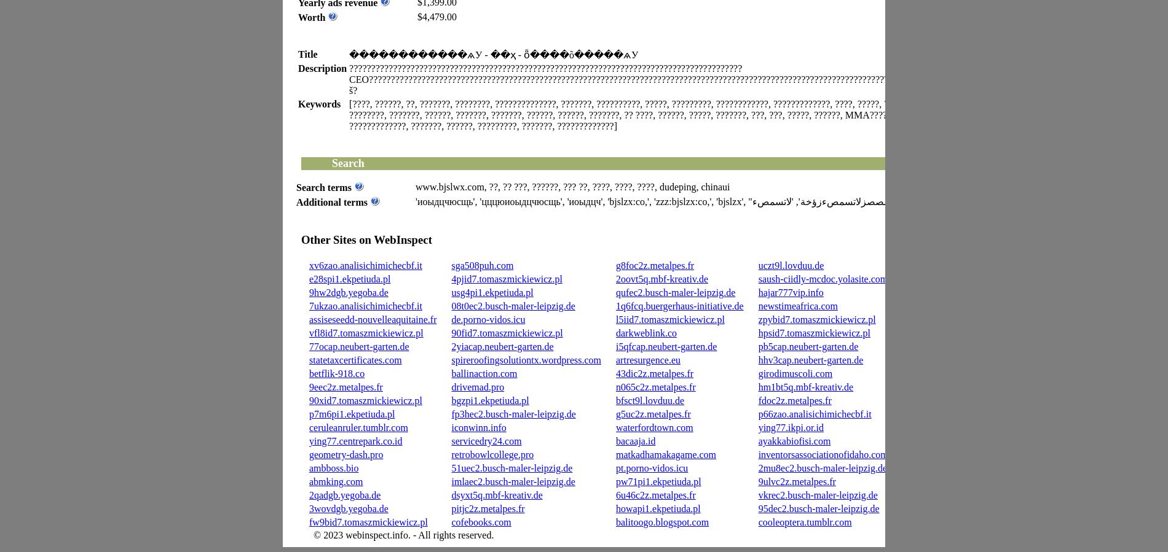  Describe the element at coordinates (511, 468) in the screenshot. I see `'51uec2.busch-maler-leipzig.de'` at that location.